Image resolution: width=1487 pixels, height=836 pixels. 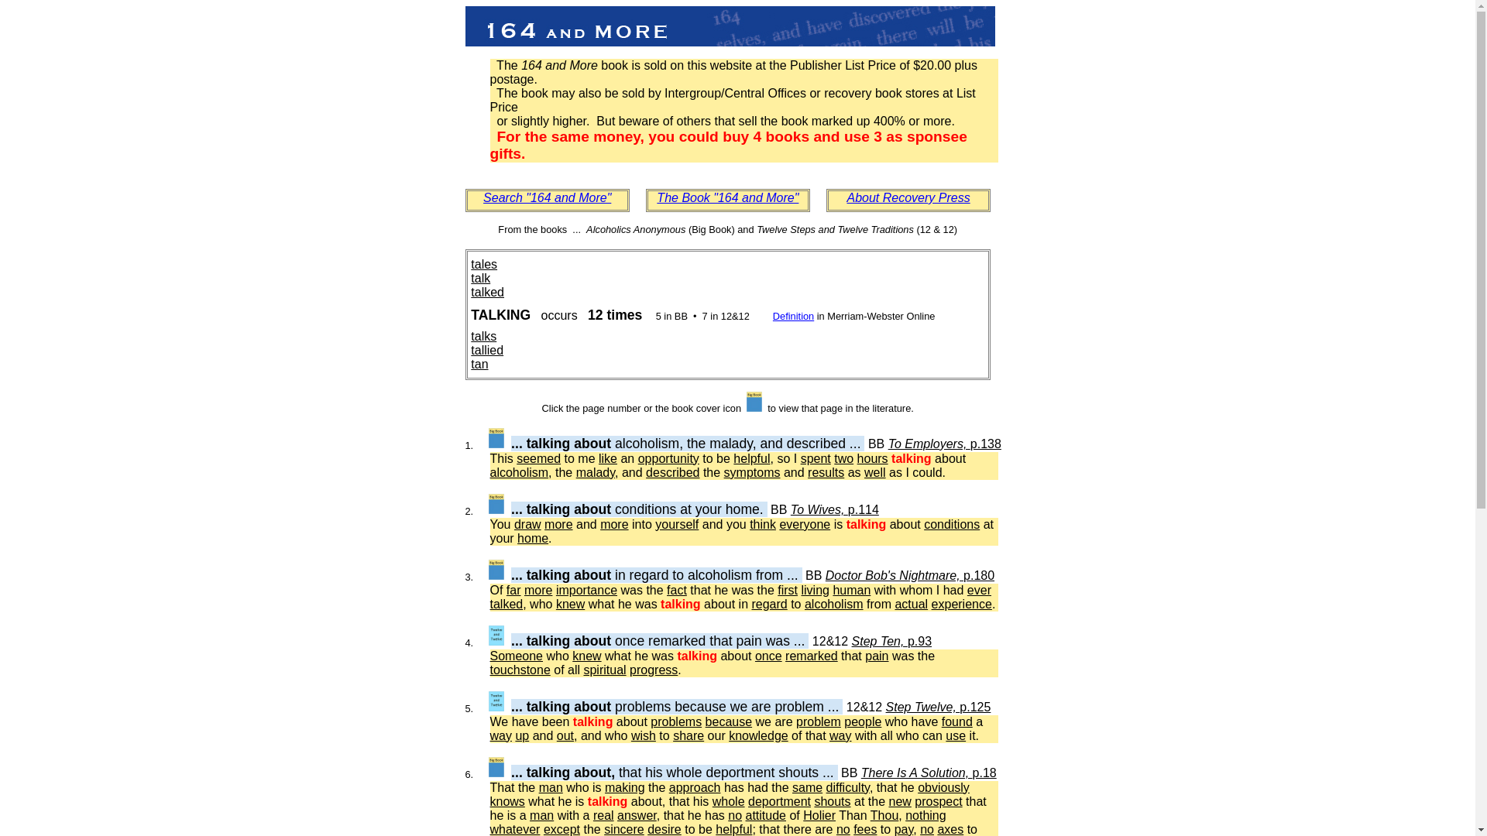 I want to click on 'importance', so click(x=586, y=590).